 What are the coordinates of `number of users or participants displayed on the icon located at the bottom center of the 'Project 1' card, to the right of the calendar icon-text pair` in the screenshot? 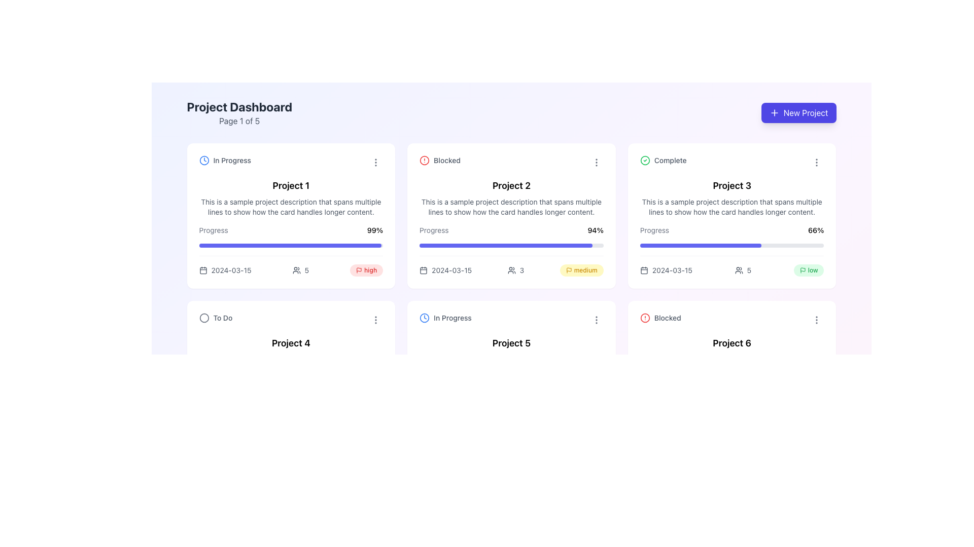 It's located at (300, 269).